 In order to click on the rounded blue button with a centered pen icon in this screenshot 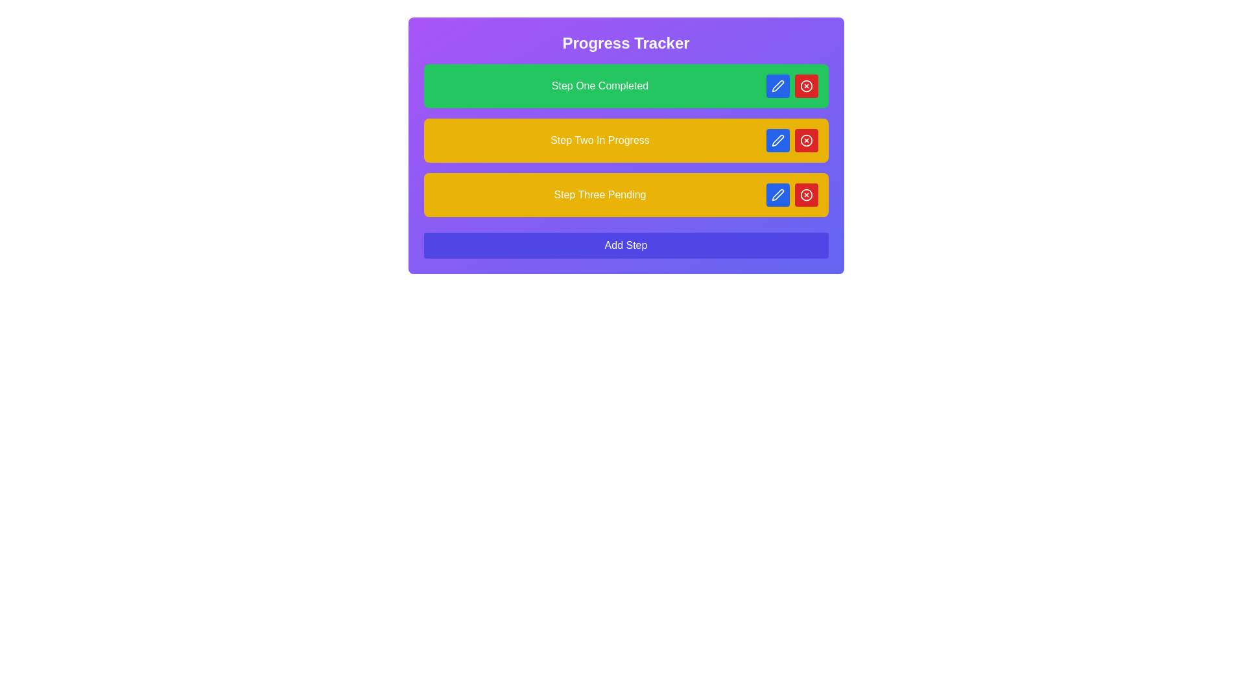, I will do `click(777, 86)`.